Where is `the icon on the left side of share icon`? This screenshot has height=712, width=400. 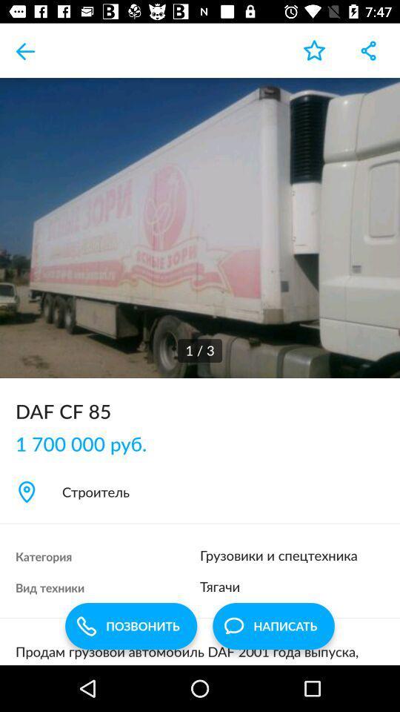
the icon on the left side of share icon is located at coordinates (313, 50).